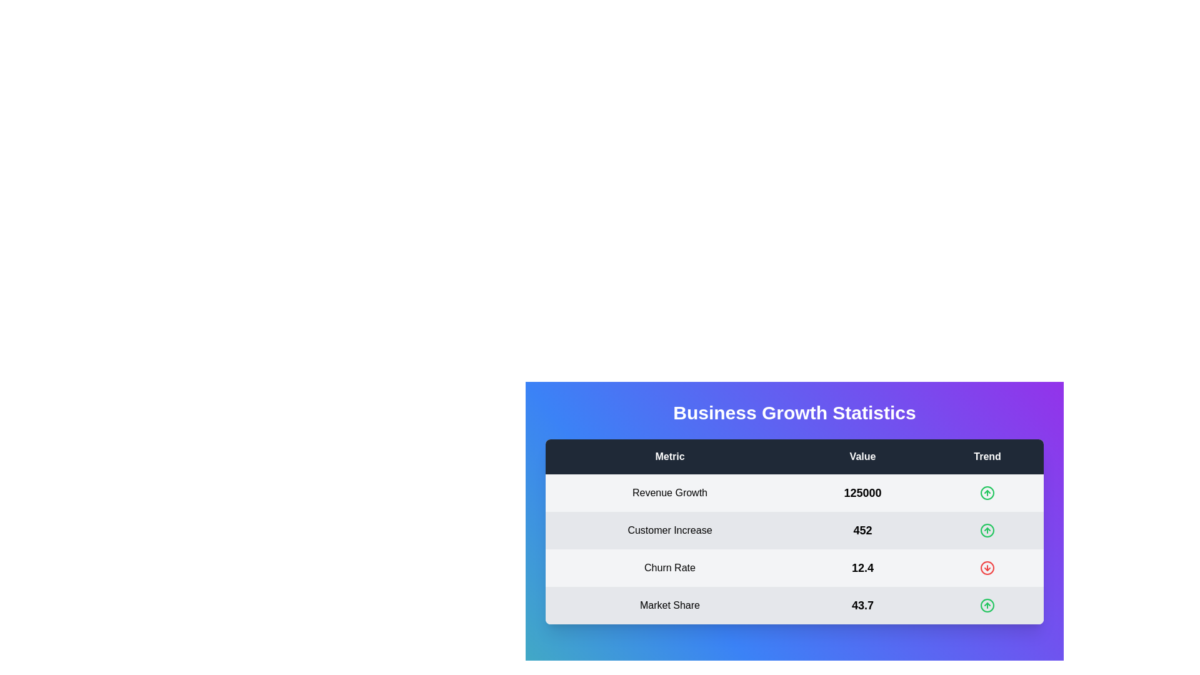 This screenshot has height=675, width=1200. I want to click on the trend icon corresponding to the Revenue Growth metric, so click(986, 492).